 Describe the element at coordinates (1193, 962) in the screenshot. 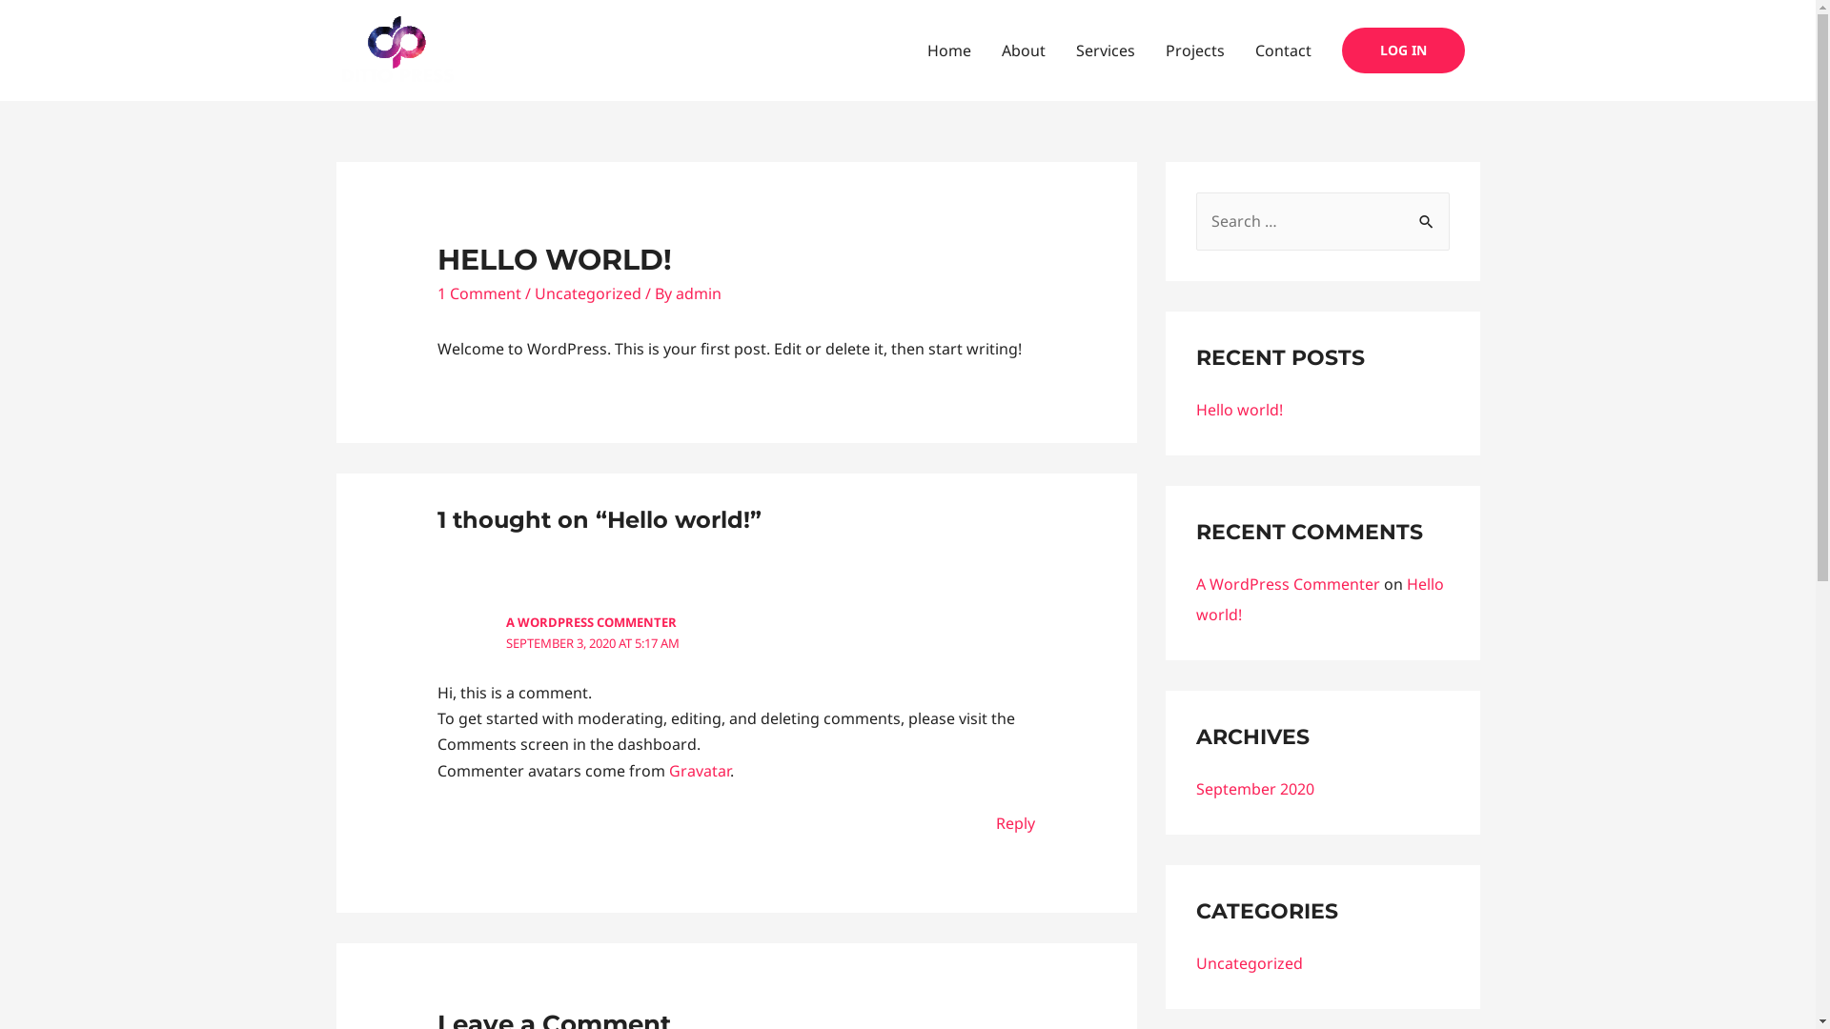

I see `'Uncategorized'` at that location.